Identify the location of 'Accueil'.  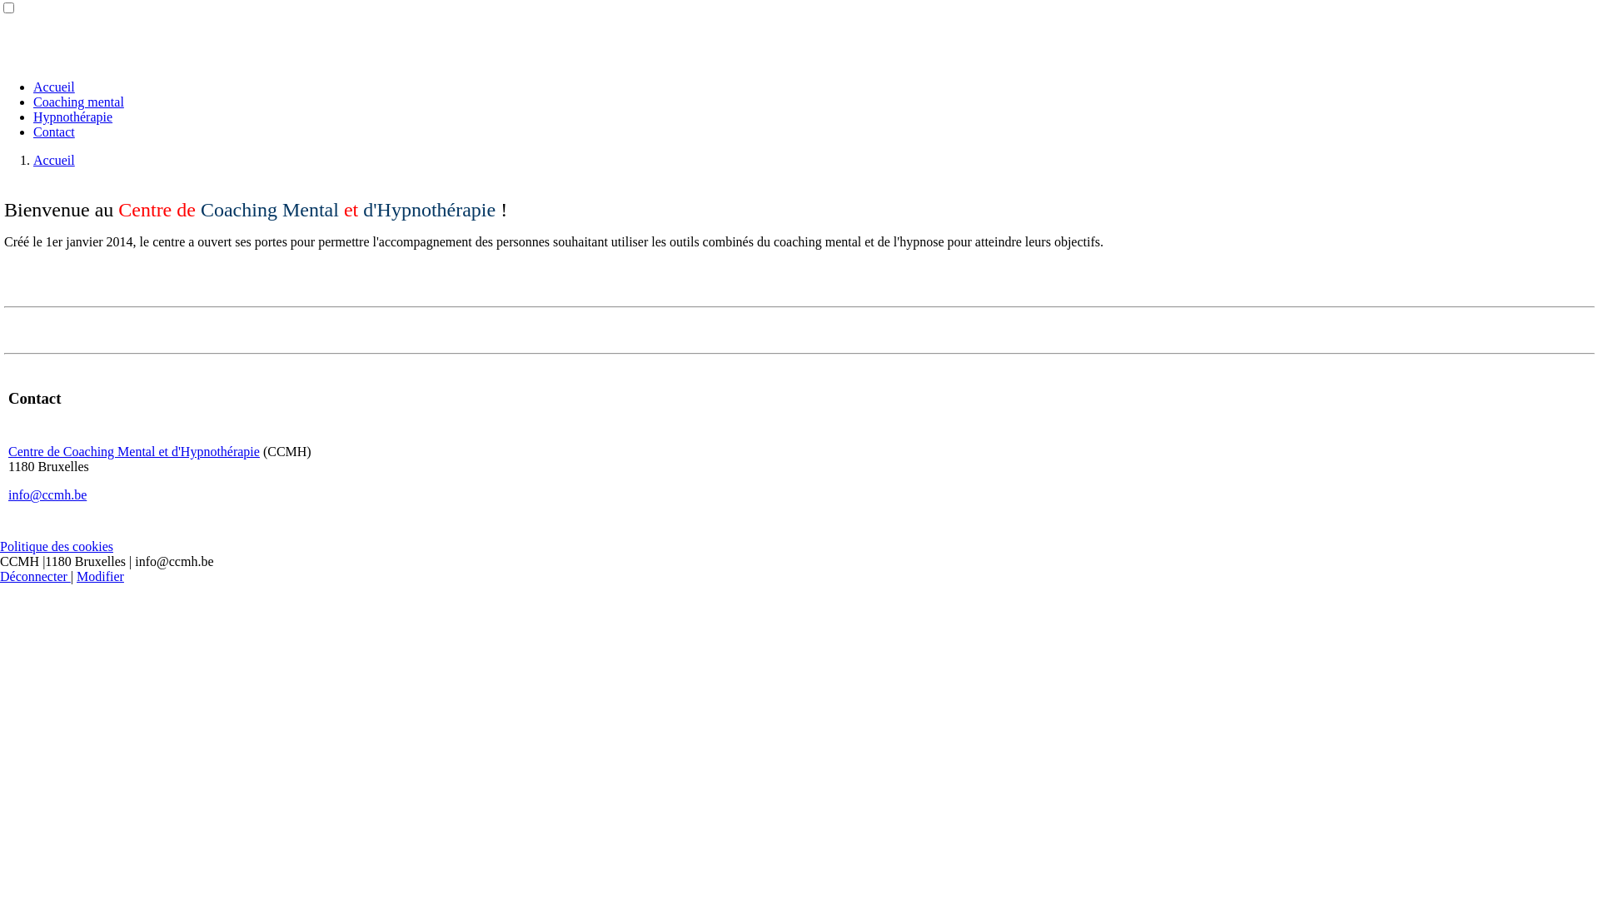
(54, 160).